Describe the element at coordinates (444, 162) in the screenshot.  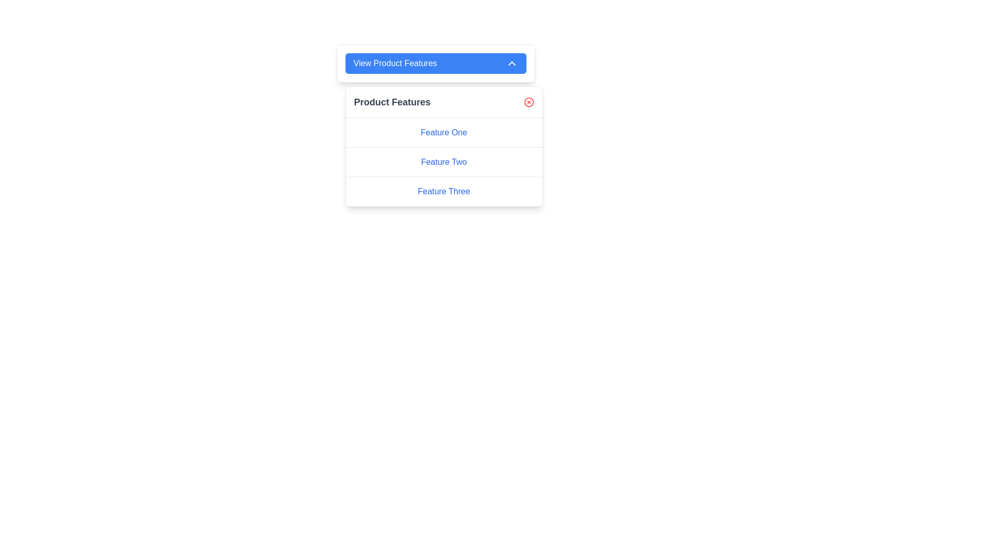
I see `the second list item under the 'Product Features' section` at that location.